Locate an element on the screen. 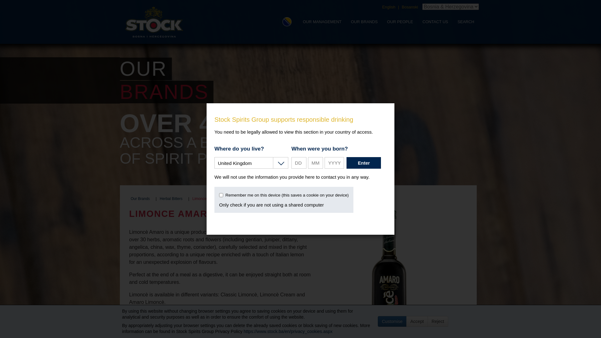  'English' is located at coordinates (388, 7).